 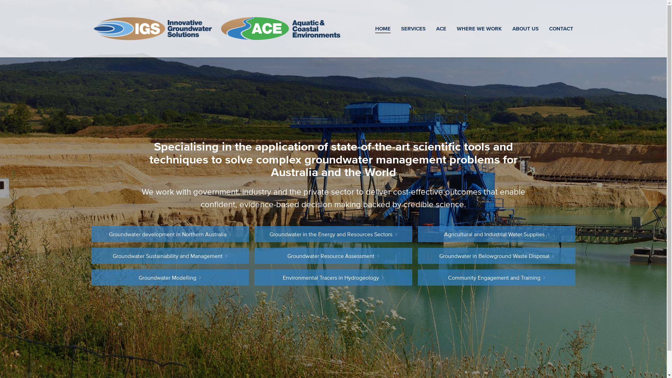 I want to click on 'Innovative Groundwater Solutions', so click(x=154, y=28).